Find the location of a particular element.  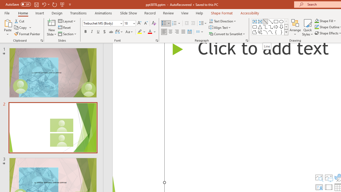

'Text Direction' is located at coordinates (223, 21).